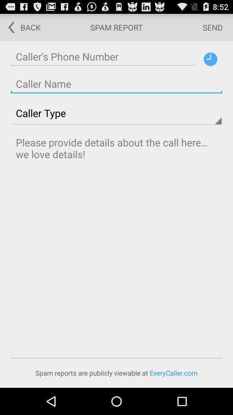 The height and width of the screenshot is (415, 233). Describe the element at coordinates (103, 56) in the screenshot. I see `phone number` at that location.